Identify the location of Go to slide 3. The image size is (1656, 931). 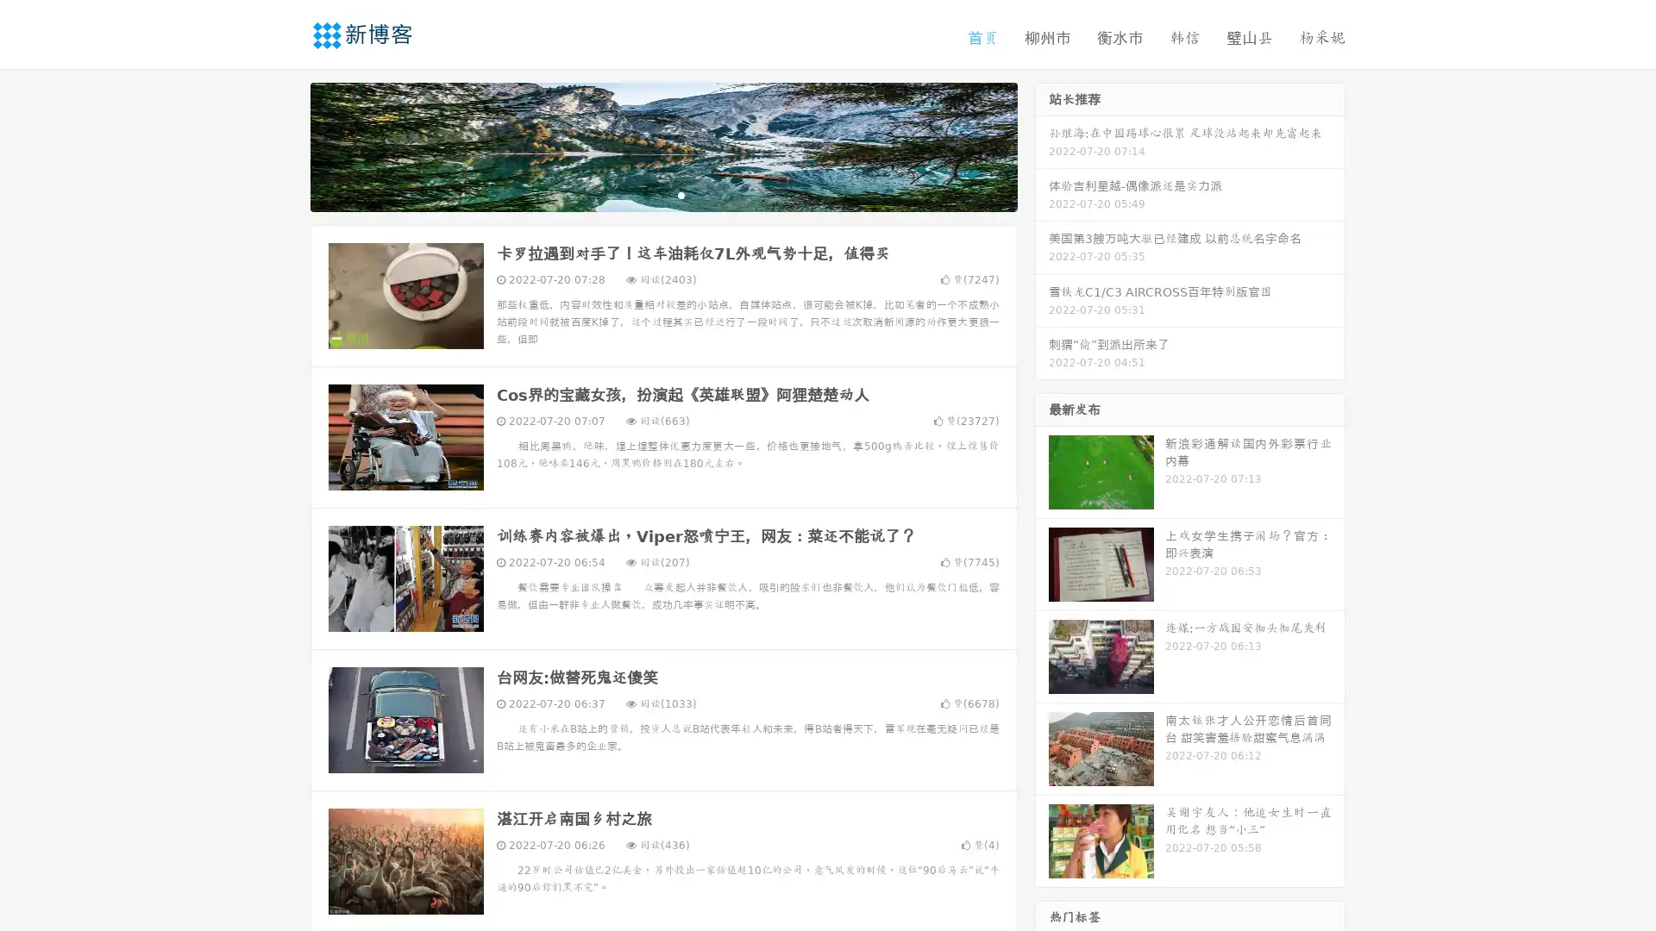
(681, 194).